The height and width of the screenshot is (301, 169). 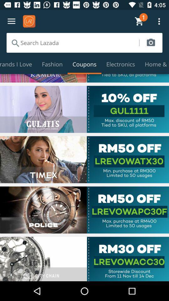 What do you see at coordinates (72, 42) in the screenshot?
I see `search lazada` at bounding box center [72, 42].